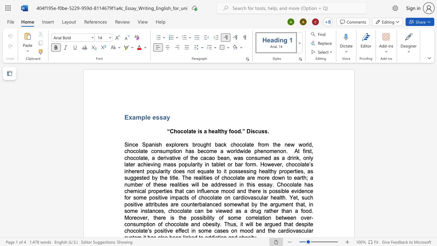  I want to click on the space between the continuous character "c" and "o" in the text, so click(183, 131).